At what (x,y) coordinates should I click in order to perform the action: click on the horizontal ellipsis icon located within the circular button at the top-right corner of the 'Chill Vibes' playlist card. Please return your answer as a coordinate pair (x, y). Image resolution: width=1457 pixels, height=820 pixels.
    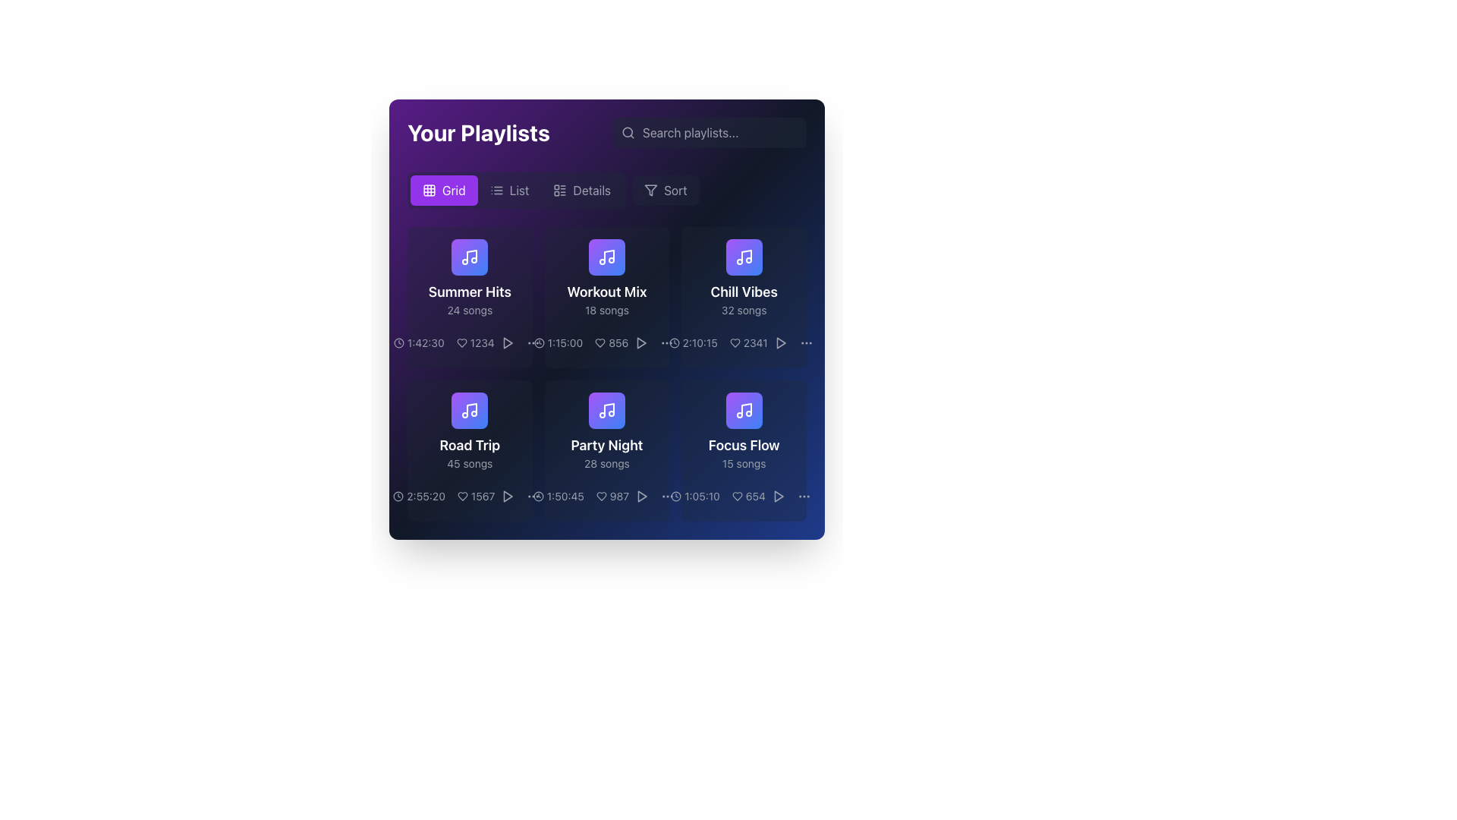
    Looking at the image, I should click on (805, 342).